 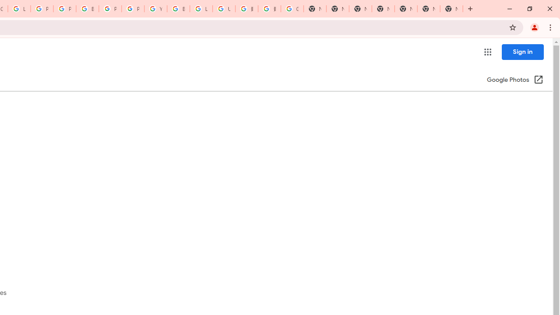 I want to click on 'Google Photos (Open in a new window)', so click(x=515, y=80).